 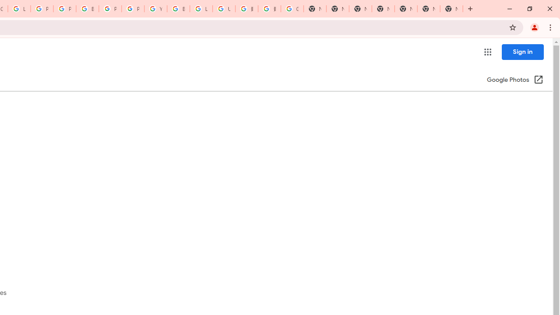 I want to click on 'Google Photos (Open in a new window)', so click(x=515, y=80).